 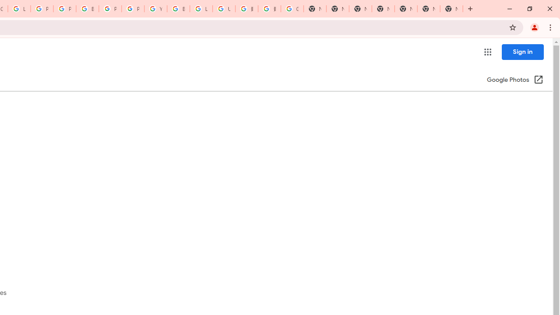 I want to click on 'Google Photos (Open in a new window)', so click(x=515, y=80).